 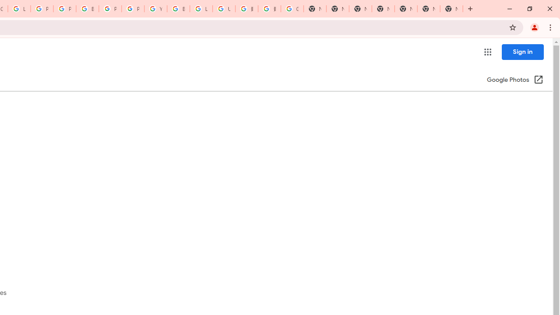 I want to click on 'Google Photos (Open in a new window)', so click(x=515, y=80).